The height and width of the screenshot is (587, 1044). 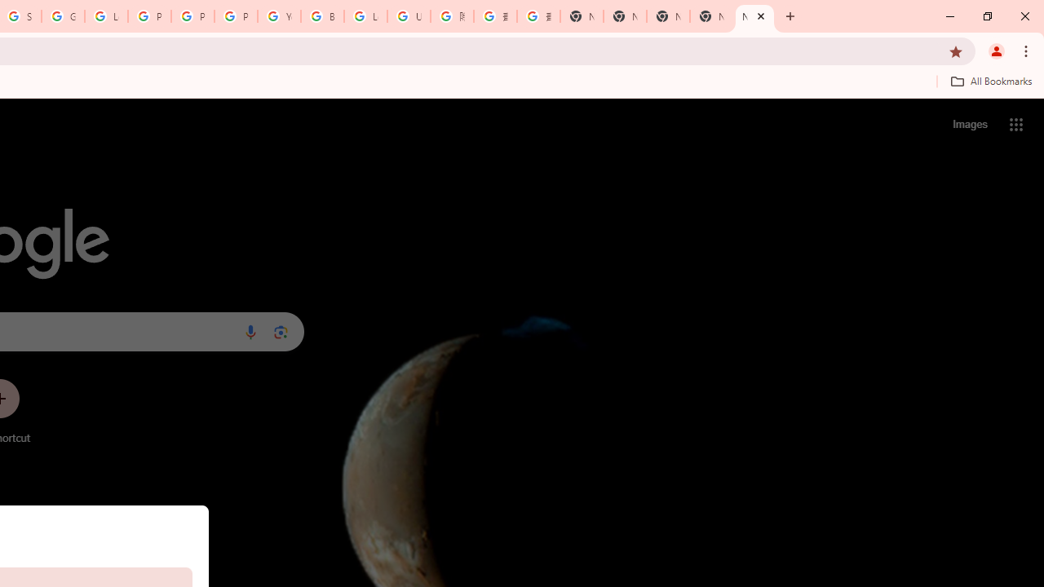 What do you see at coordinates (754, 16) in the screenshot?
I see `'New Tab'` at bounding box center [754, 16].